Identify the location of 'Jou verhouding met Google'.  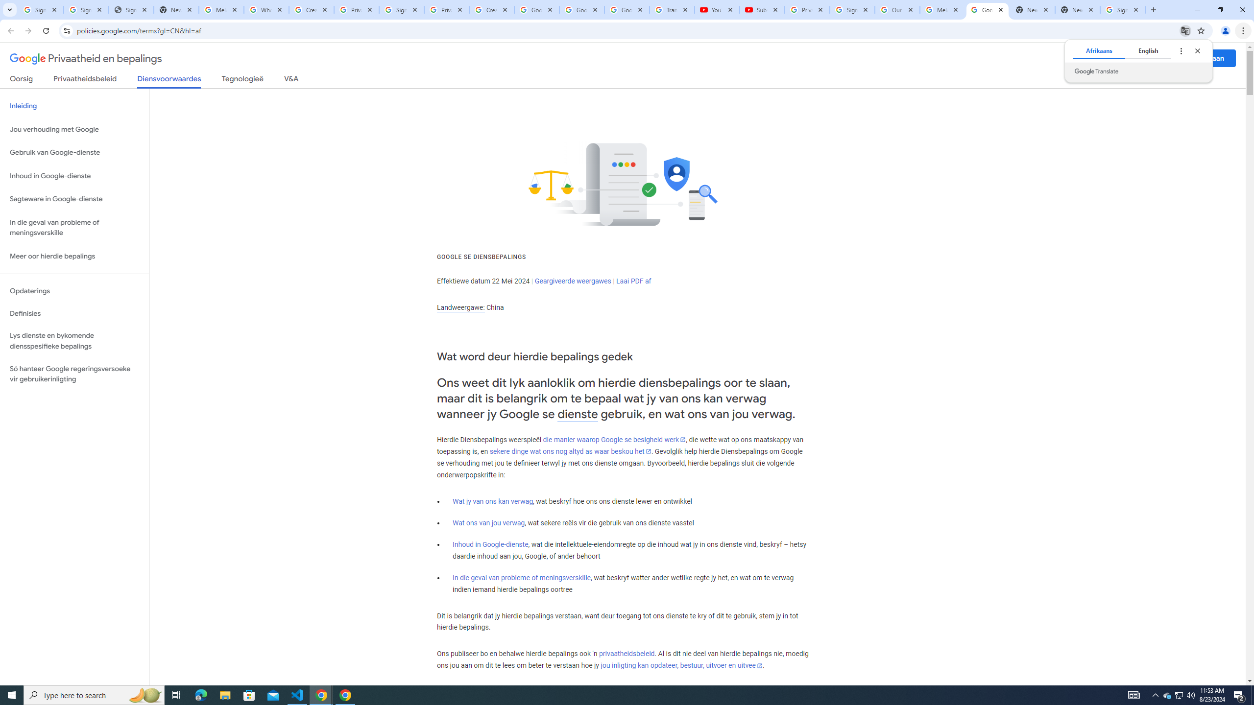
(74, 129).